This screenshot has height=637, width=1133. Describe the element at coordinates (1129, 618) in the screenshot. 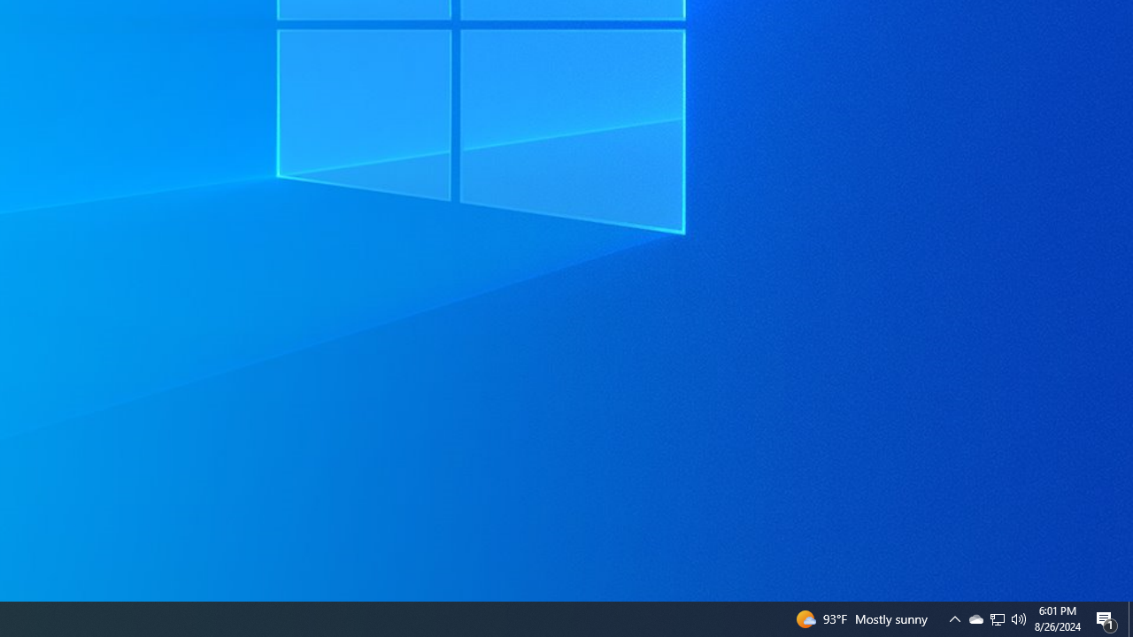

I see `'Action Center, 1 new notification'` at that location.